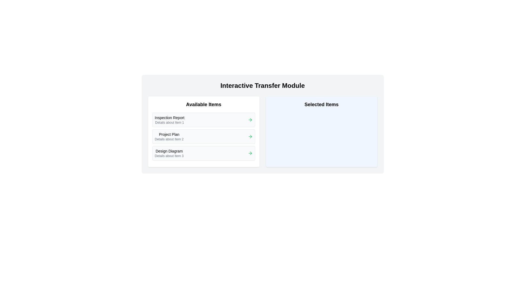 Image resolution: width=519 pixels, height=291 pixels. What do you see at coordinates (169, 117) in the screenshot?
I see `the 'Inspection Report' text element, which is prominently displayed in bold and larger size within the 'Available Items' section, located at the top of the list above 'Details about Item 1'` at bounding box center [169, 117].